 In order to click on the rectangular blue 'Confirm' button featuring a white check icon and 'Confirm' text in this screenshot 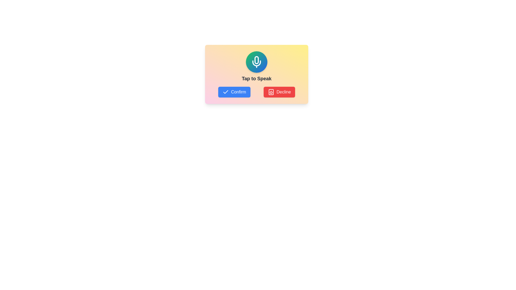, I will do `click(234, 92)`.